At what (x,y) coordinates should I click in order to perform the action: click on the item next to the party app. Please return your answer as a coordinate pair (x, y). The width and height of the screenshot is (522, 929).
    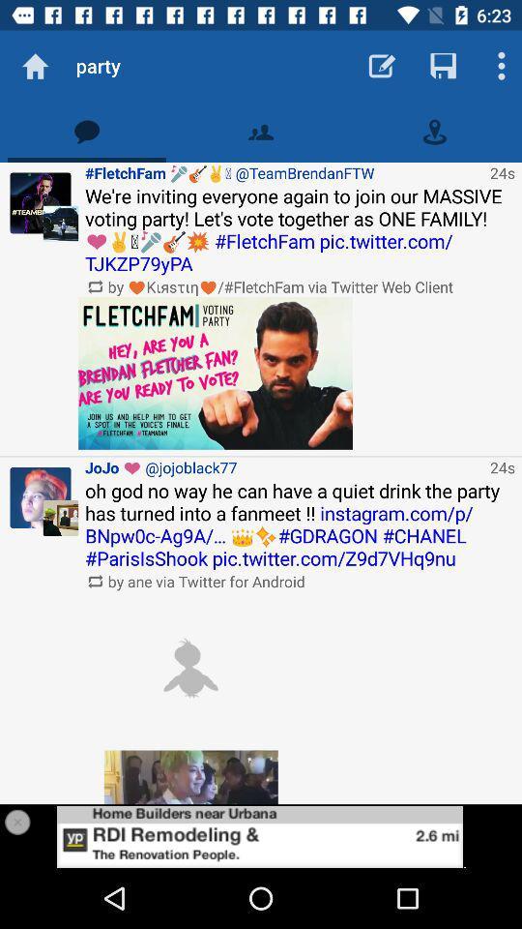
    Looking at the image, I should click on (35, 66).